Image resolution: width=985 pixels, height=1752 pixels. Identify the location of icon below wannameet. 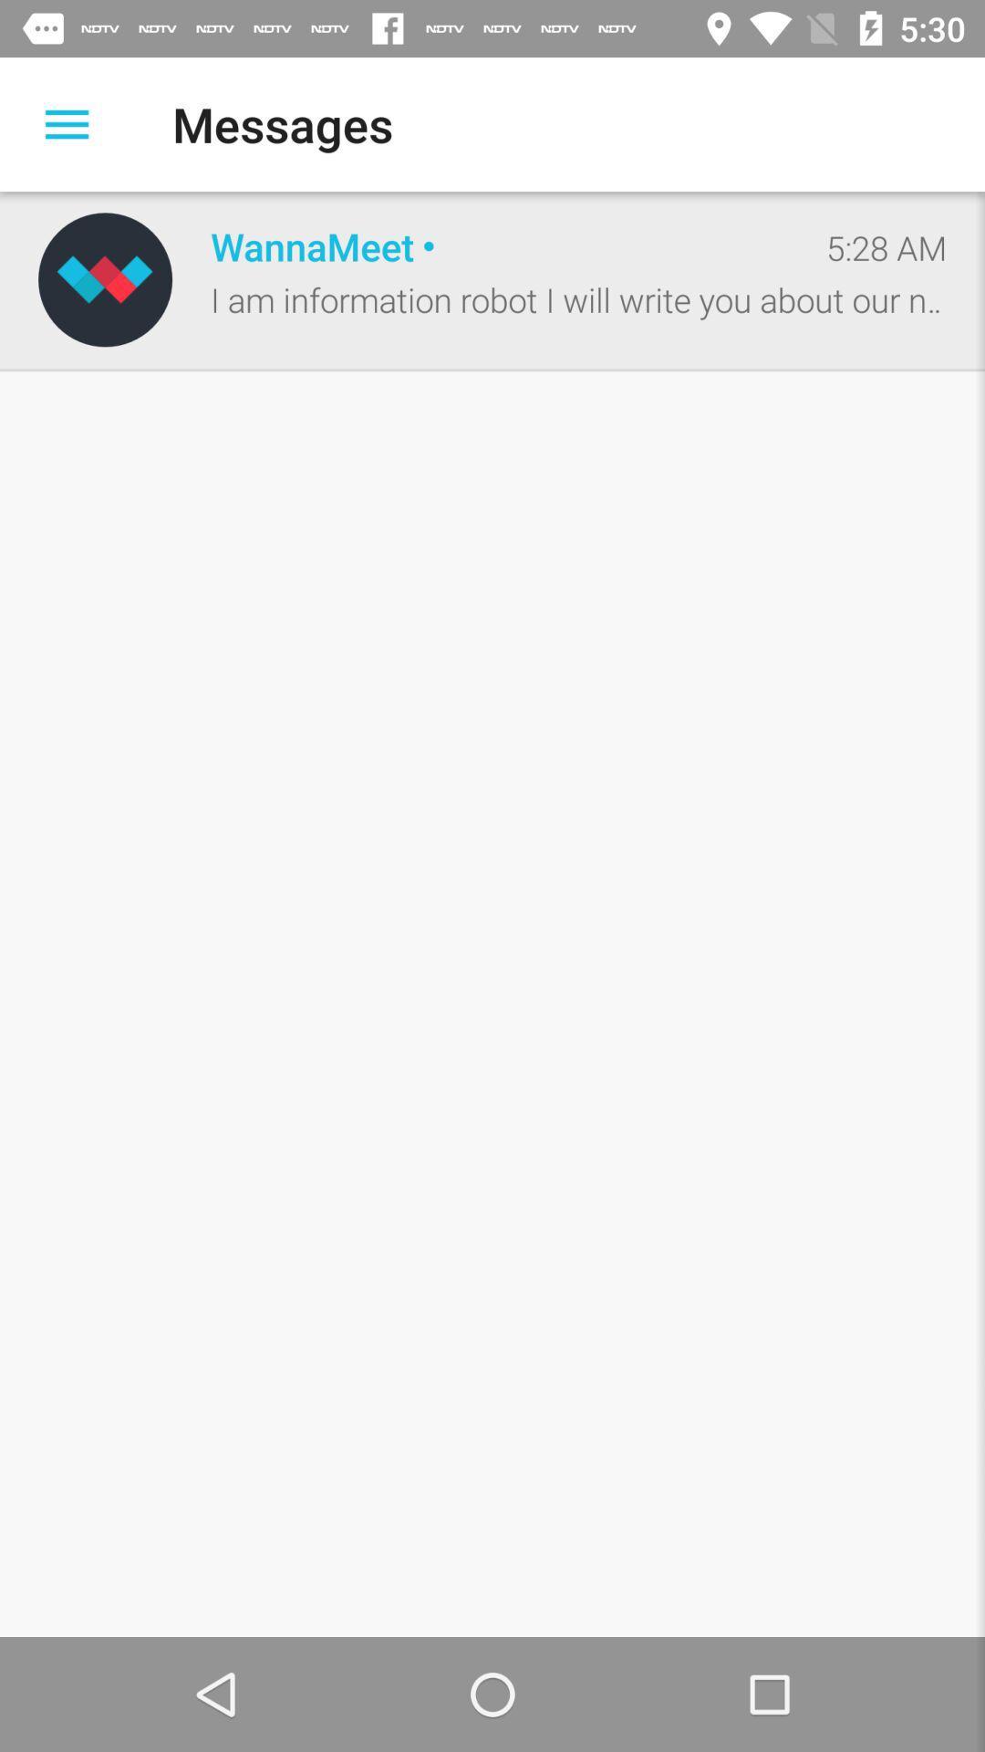
(578, 299).